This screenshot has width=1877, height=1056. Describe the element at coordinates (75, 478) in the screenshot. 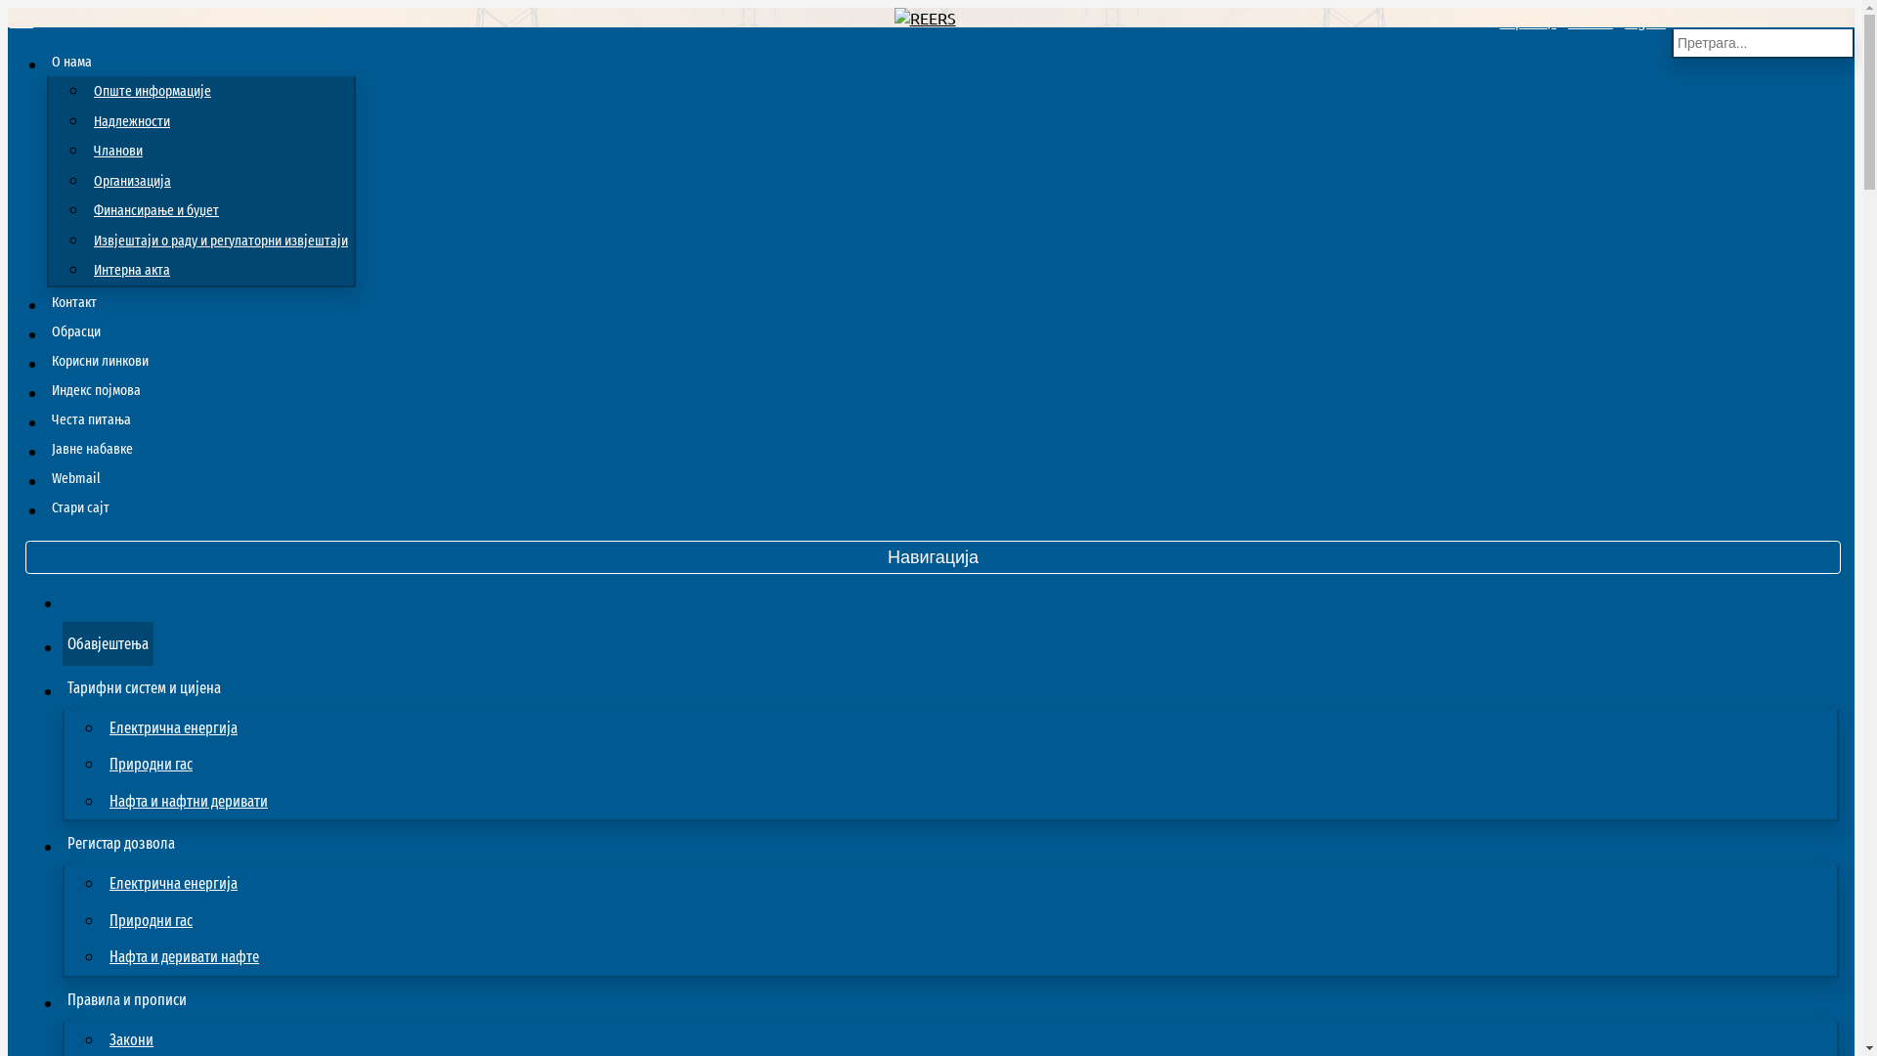

I see `'Webmail'` at that location.